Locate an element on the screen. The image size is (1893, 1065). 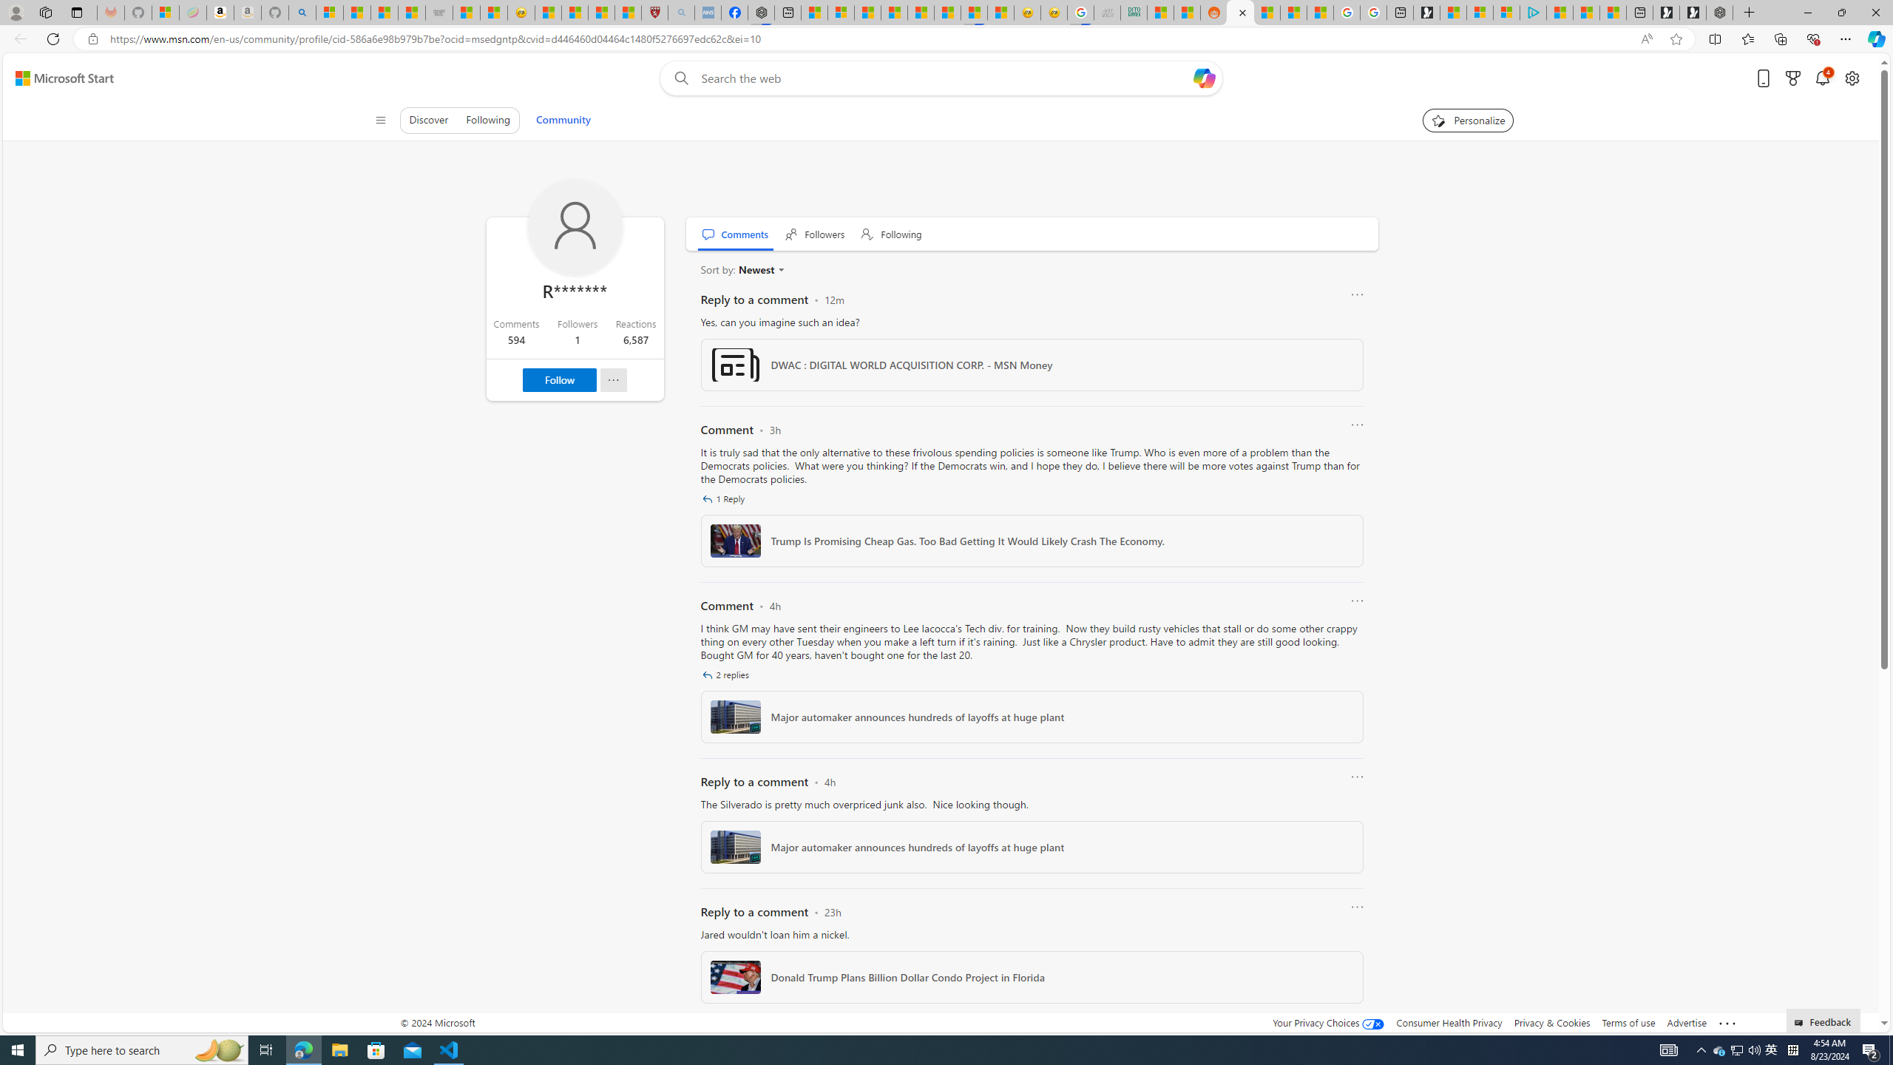
' Followers' is located at coordinates (814, 233).